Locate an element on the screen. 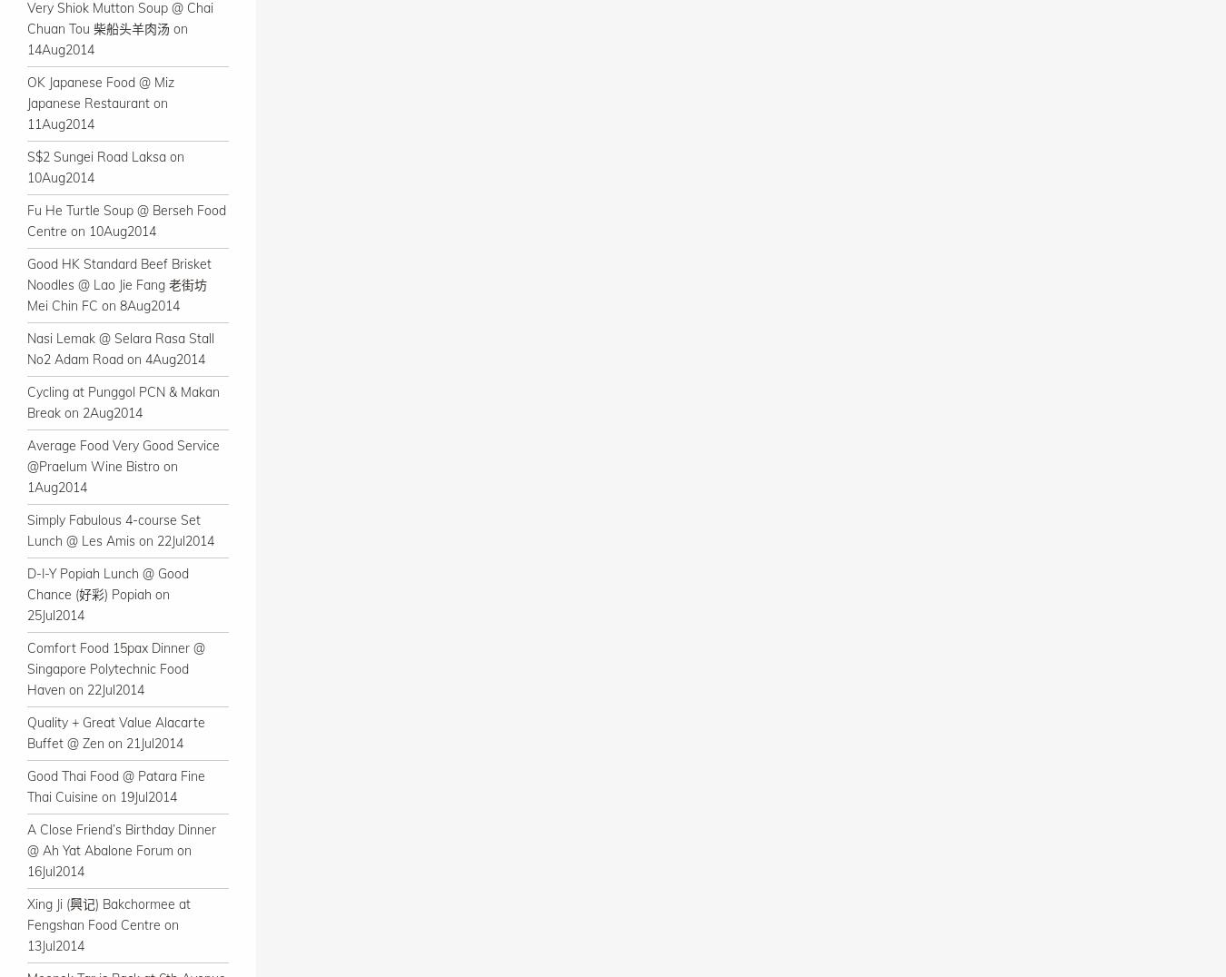  'Good Thai Food @ Patara Fine Thai Cuisine on 19Jul2014' is located at coordinates (115, 786).